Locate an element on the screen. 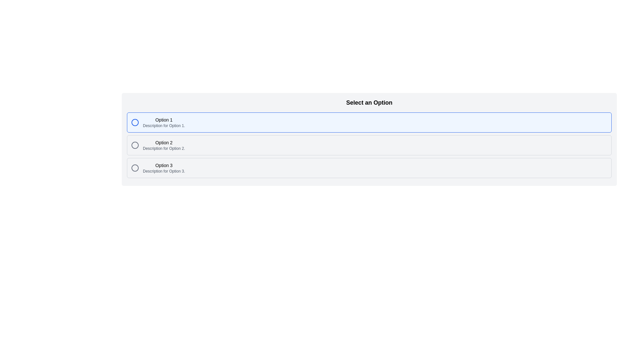 The image size is (625, 351). the Radio button indicator for 'Option 3 Description for Option 3' is located at coordinates (134, 167).